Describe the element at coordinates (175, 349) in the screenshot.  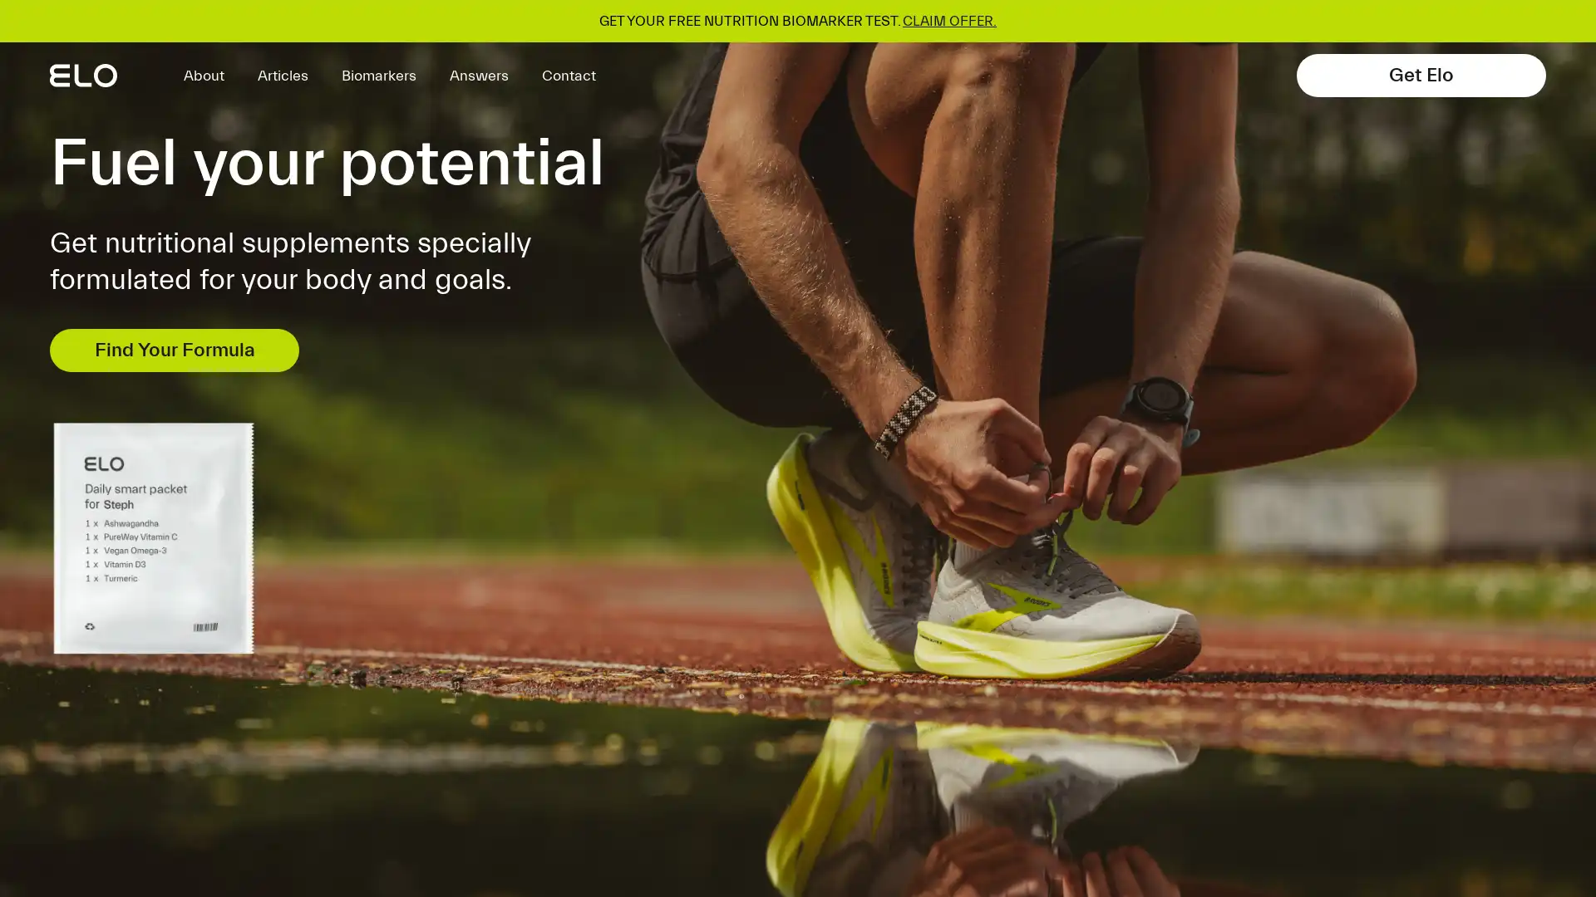
I see `Find Your Formula` at that location.